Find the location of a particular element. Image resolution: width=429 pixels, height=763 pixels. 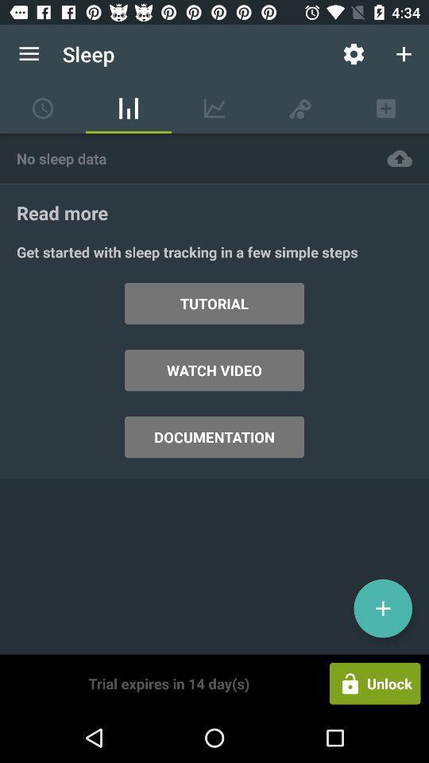

icon above the read more is located at coordinates (184, 158).